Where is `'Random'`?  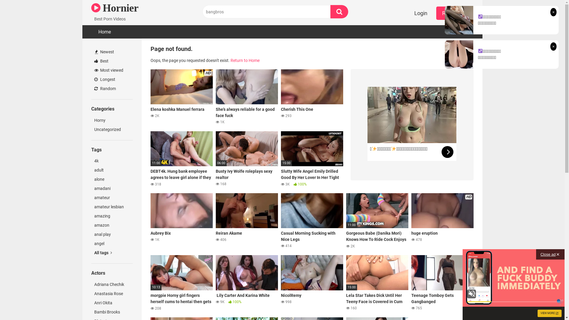
'Random' is located at coordinates (91, 89).